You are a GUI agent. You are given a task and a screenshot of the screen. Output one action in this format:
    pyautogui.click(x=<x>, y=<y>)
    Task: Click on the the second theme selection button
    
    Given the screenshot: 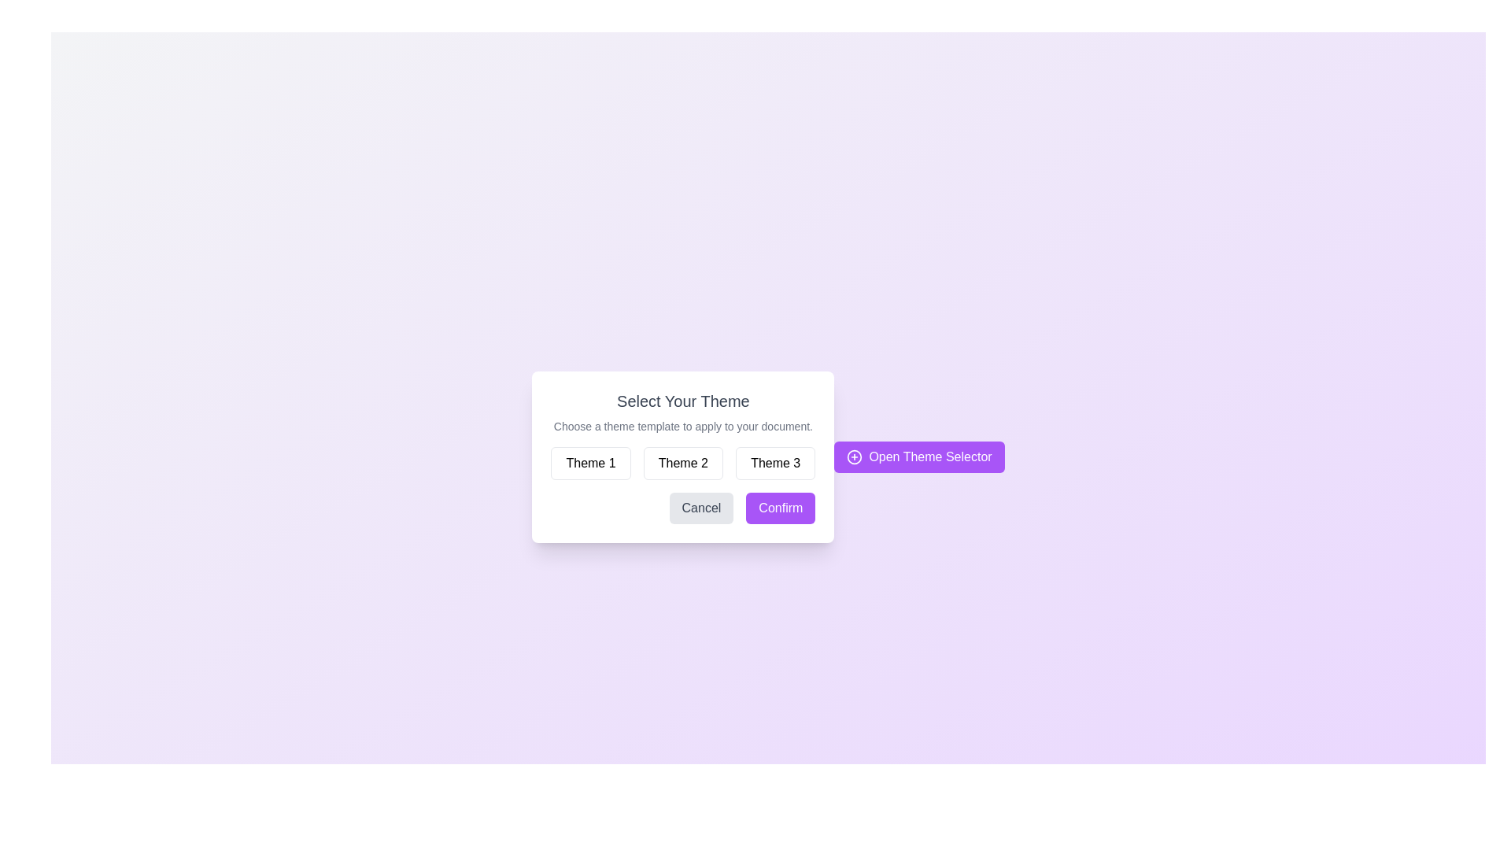 What is the action you would take?
    pyautogui.click(x=683, y=457)
    